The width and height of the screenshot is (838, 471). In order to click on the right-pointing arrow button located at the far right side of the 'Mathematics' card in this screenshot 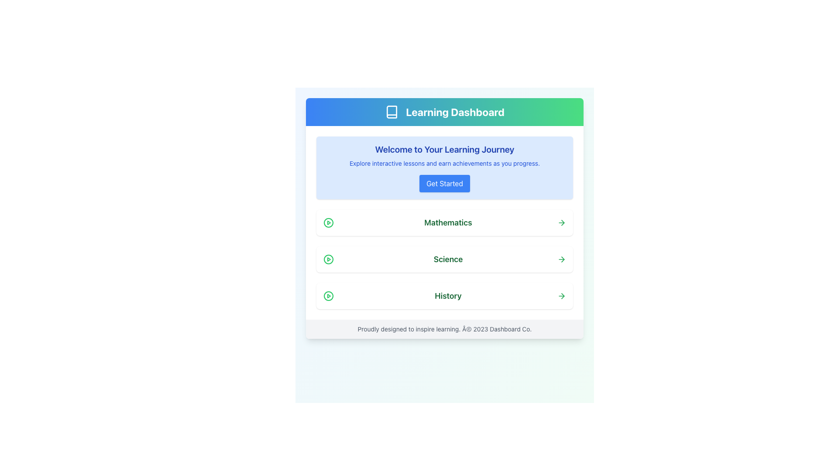, I will do `click(561, 222)`.